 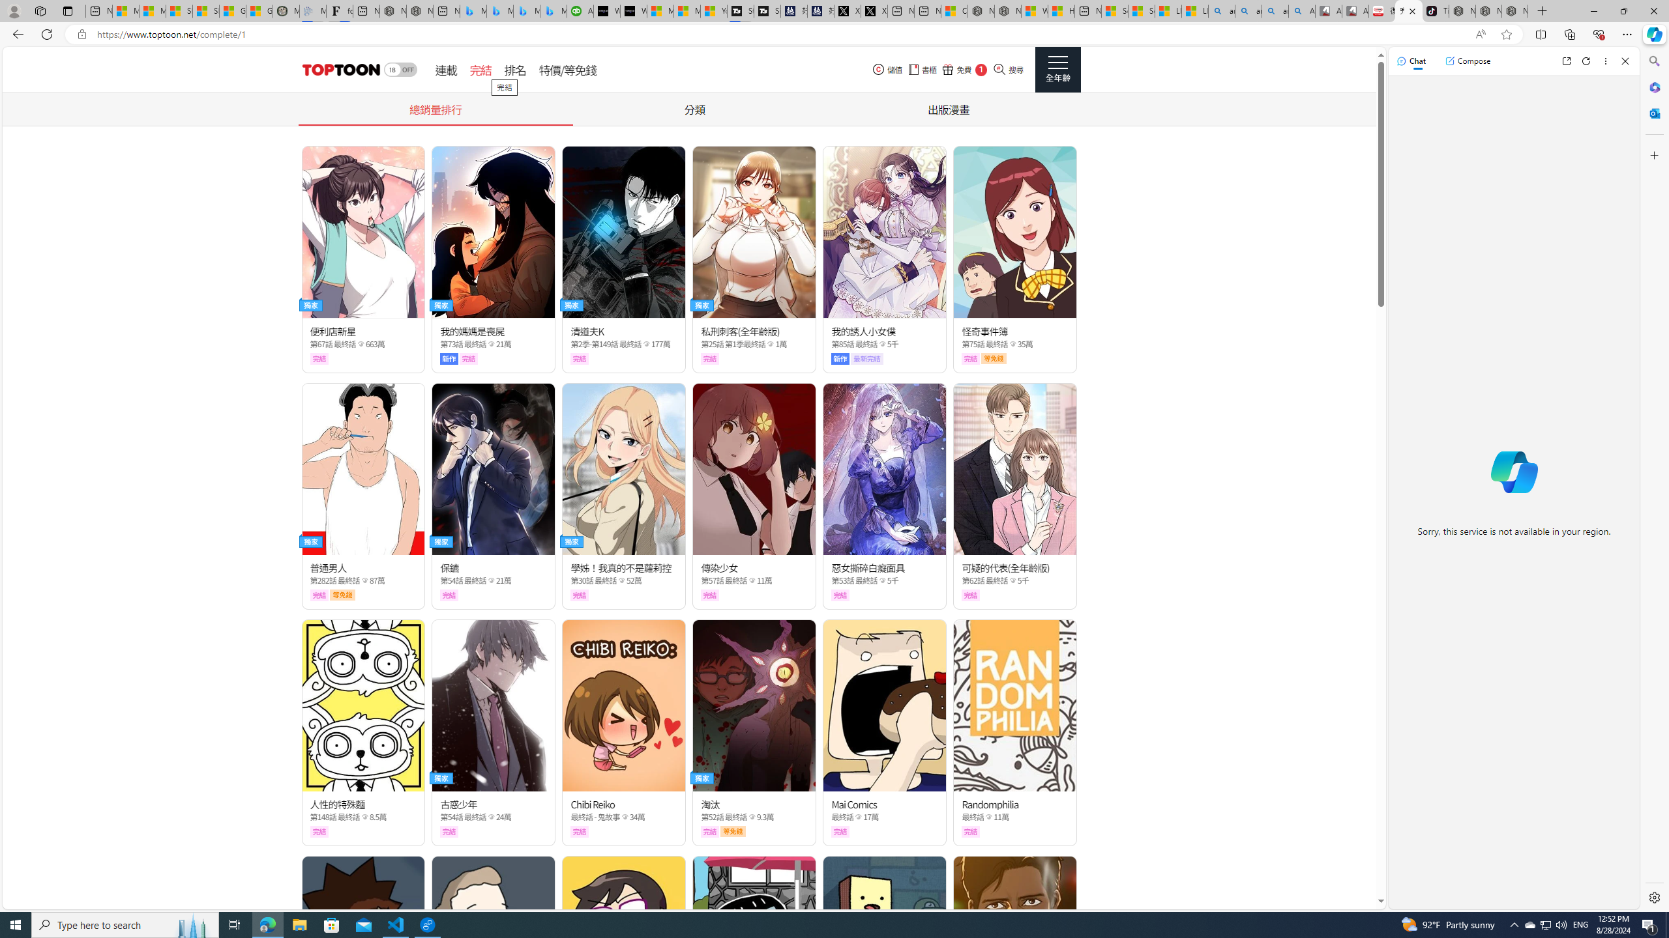 I want to click on 'Customize', so click(x=1653, y=154).